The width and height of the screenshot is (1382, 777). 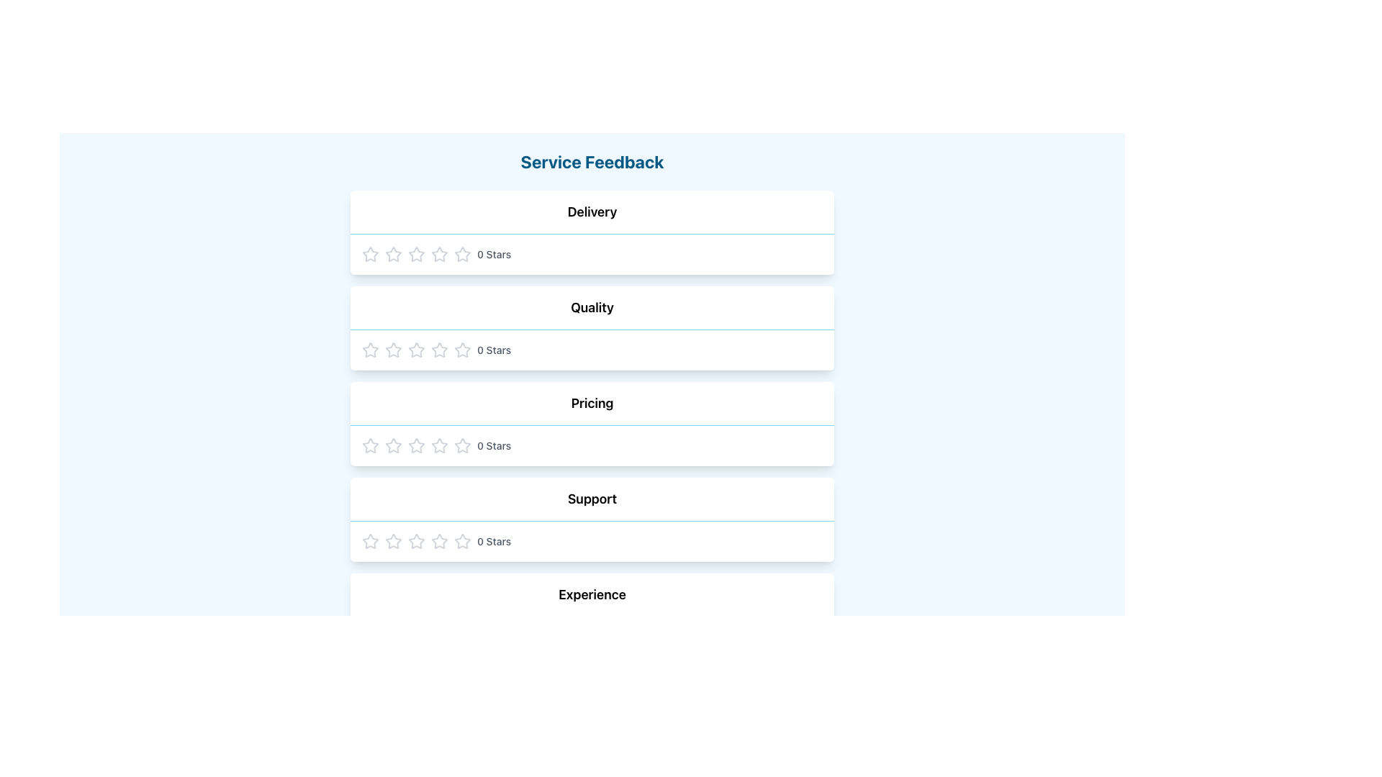 What do you see at coordinates (463, 350) in the screenshot?
I see `the third star icon in the horizontal row of five for Quality rating selection` at bounding box center [463, 350].